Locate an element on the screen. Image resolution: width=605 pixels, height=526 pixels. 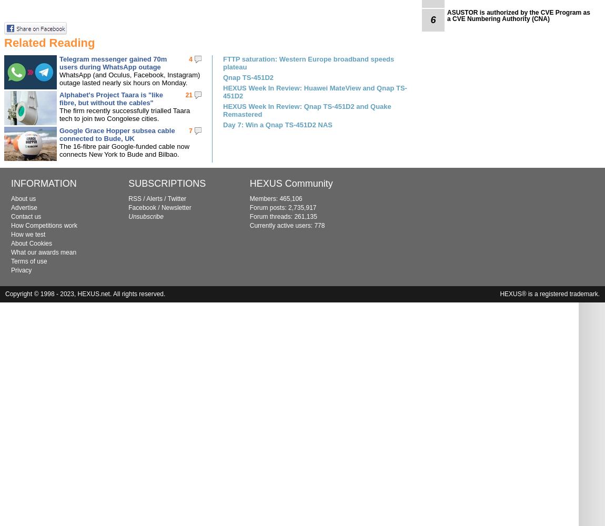
'Facebook' is located at coordinates (142, 208).